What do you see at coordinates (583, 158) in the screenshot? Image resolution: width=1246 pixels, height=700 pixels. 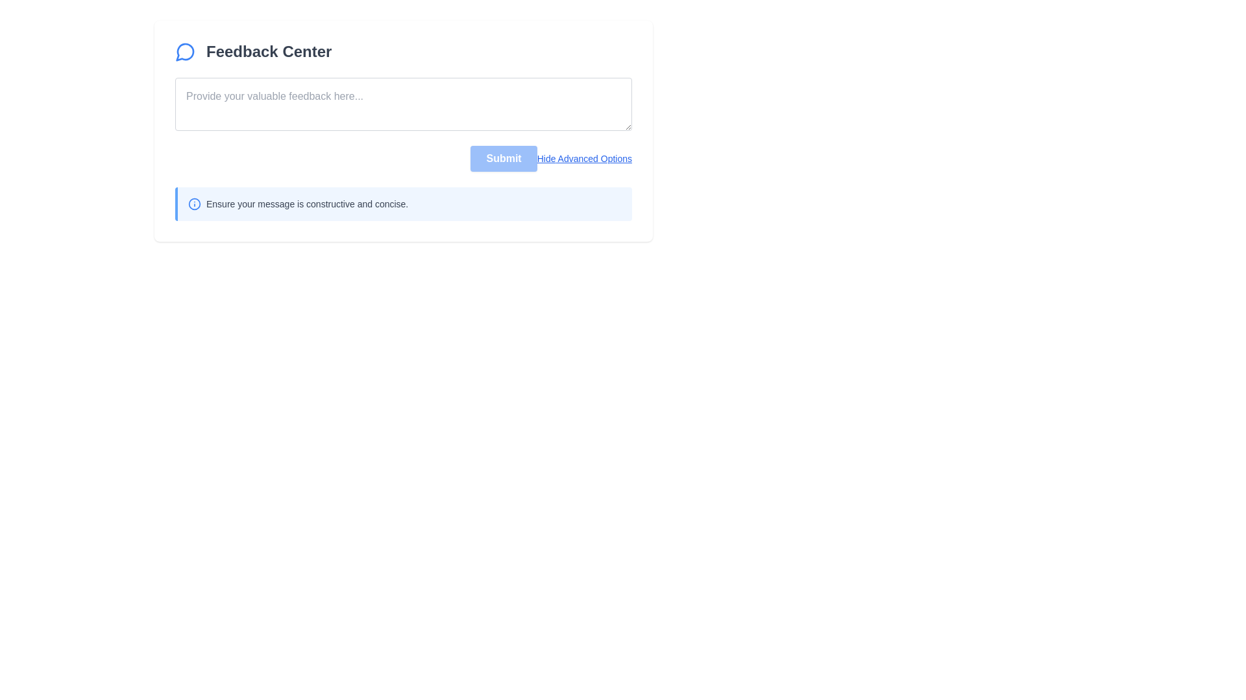 I see `the text link that reads 'Hide Advanced Options', which is styled with blue color and underlined` at bounding box center [583, 158].